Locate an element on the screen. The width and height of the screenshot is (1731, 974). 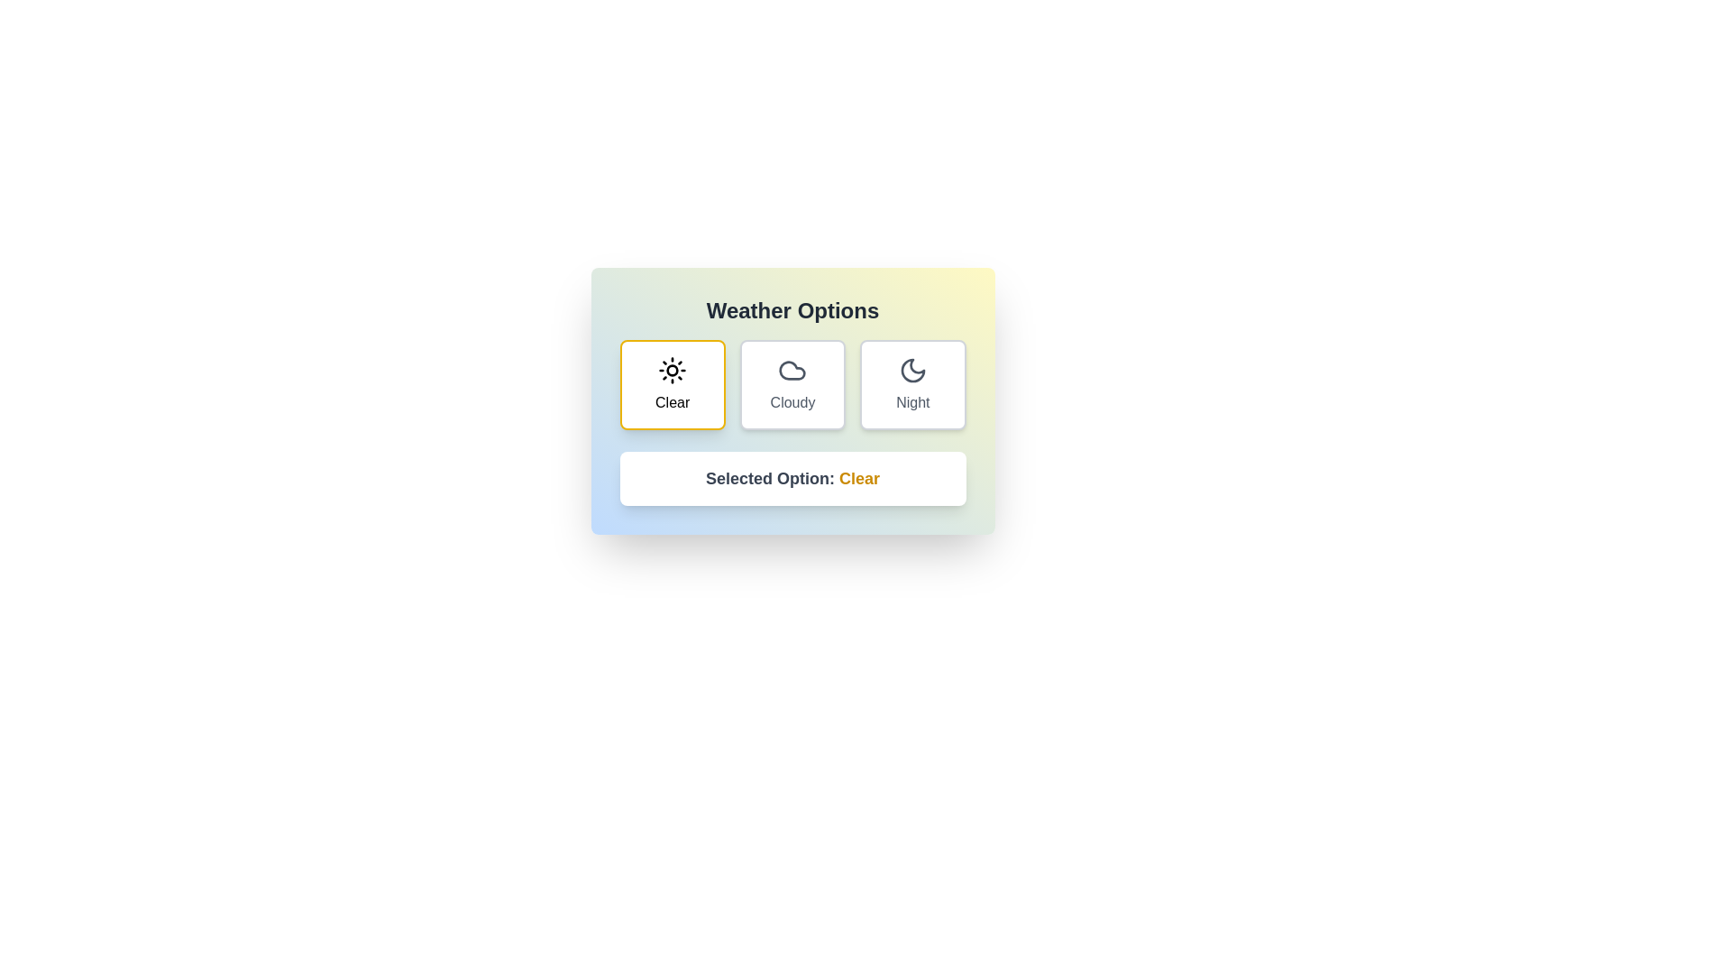
the 'Clear' weather button located in the upper-left section of the grid layout to possibly highlight or show details is located at coordinates (672, 384).